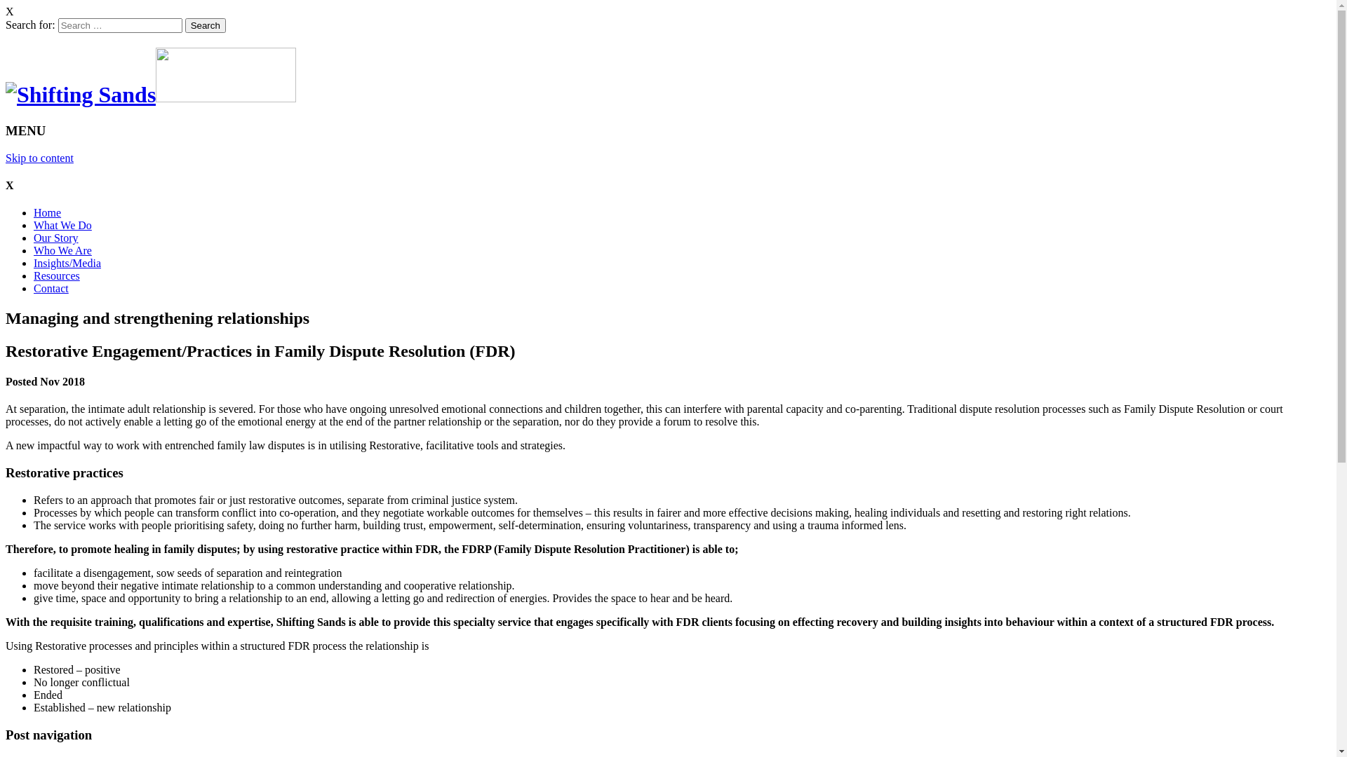 This screenshot has width=1347, height=757. Describe the element at coordinates (62, 224) in the screenshot. I see `'What We Do'` at that location.